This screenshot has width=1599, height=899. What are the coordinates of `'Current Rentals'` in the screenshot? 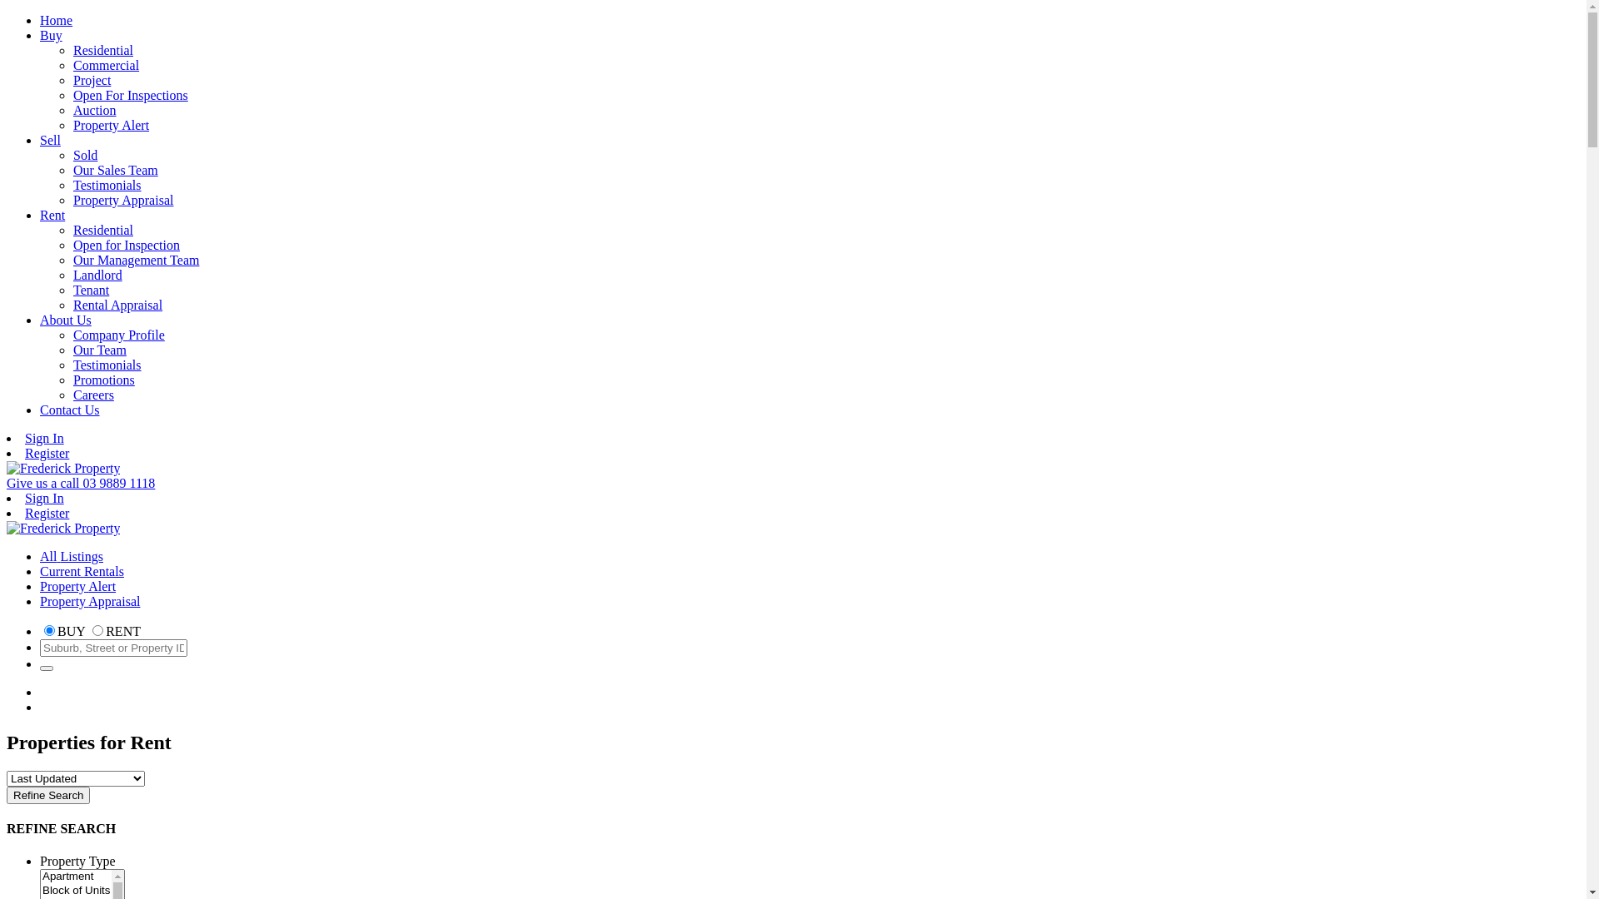 It's located at (81, 570).